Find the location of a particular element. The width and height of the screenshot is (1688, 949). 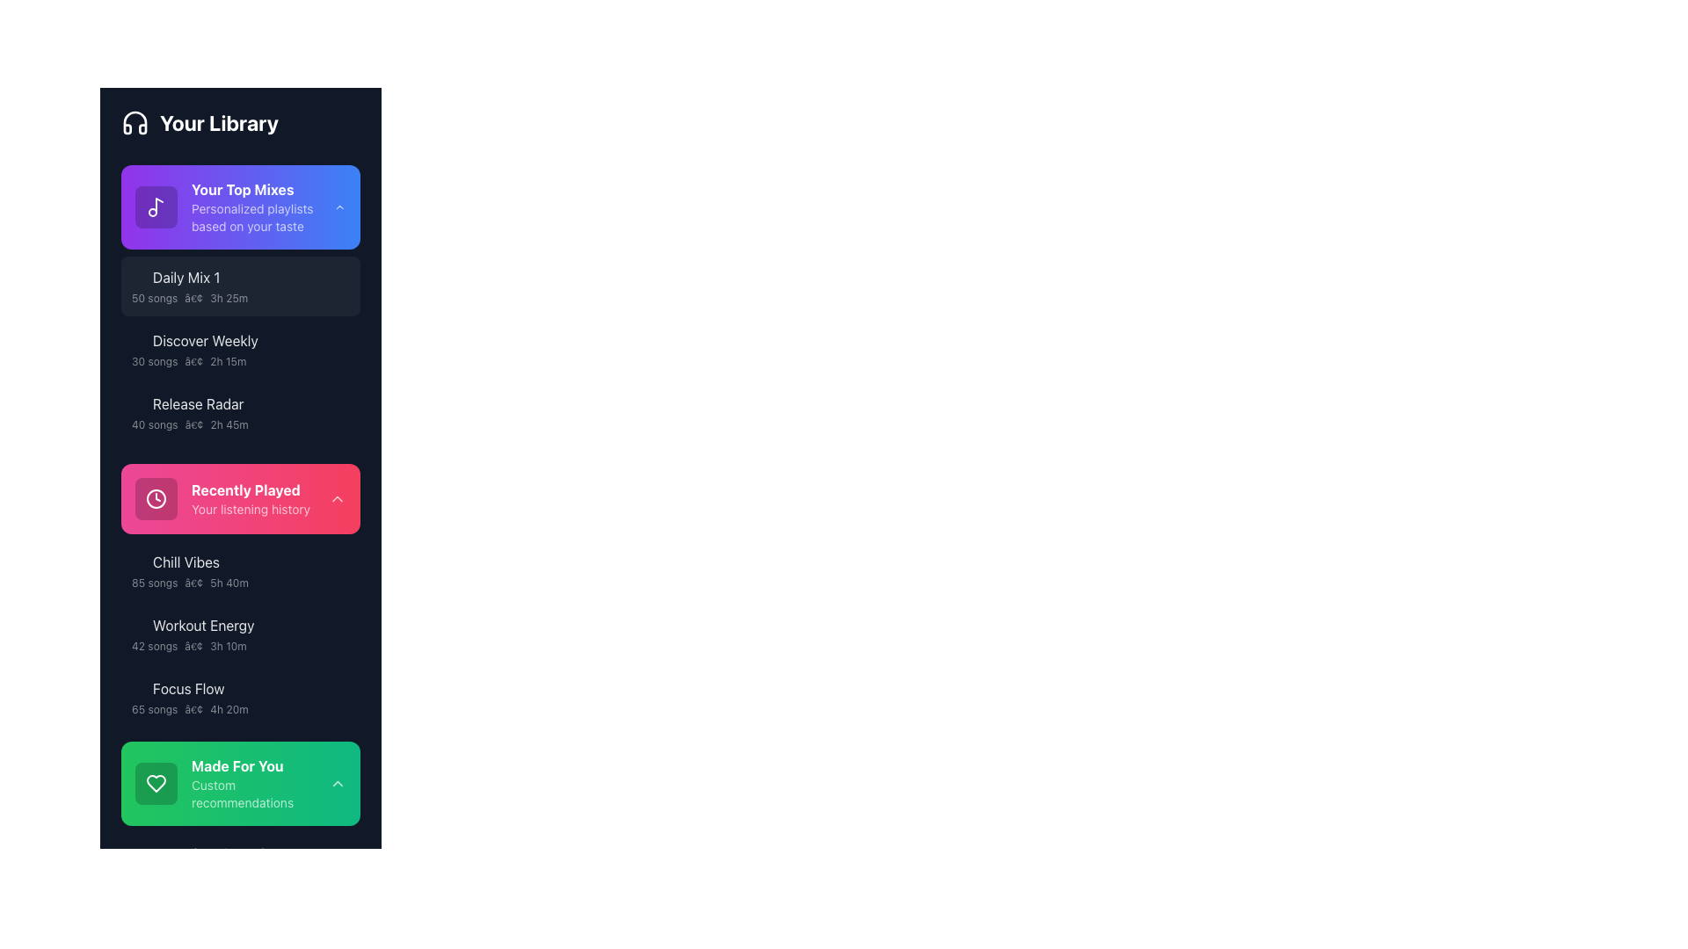

the playlist list item titled 'Focus Flow' to view its details is located at coordinates (231, 697).